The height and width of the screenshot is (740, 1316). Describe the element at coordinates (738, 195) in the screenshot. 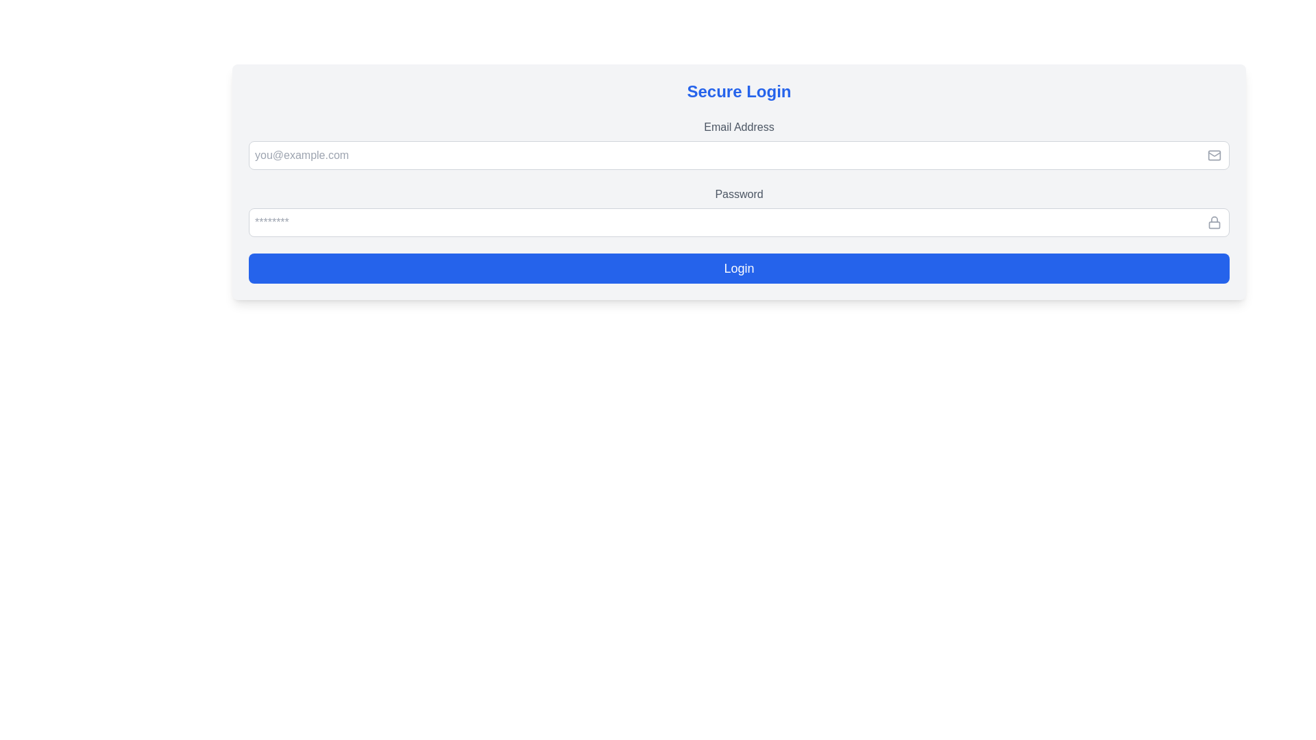

I see `the password label that guides the user to input their password, located above the password input field and aligned to the left margin of the form` at that location.